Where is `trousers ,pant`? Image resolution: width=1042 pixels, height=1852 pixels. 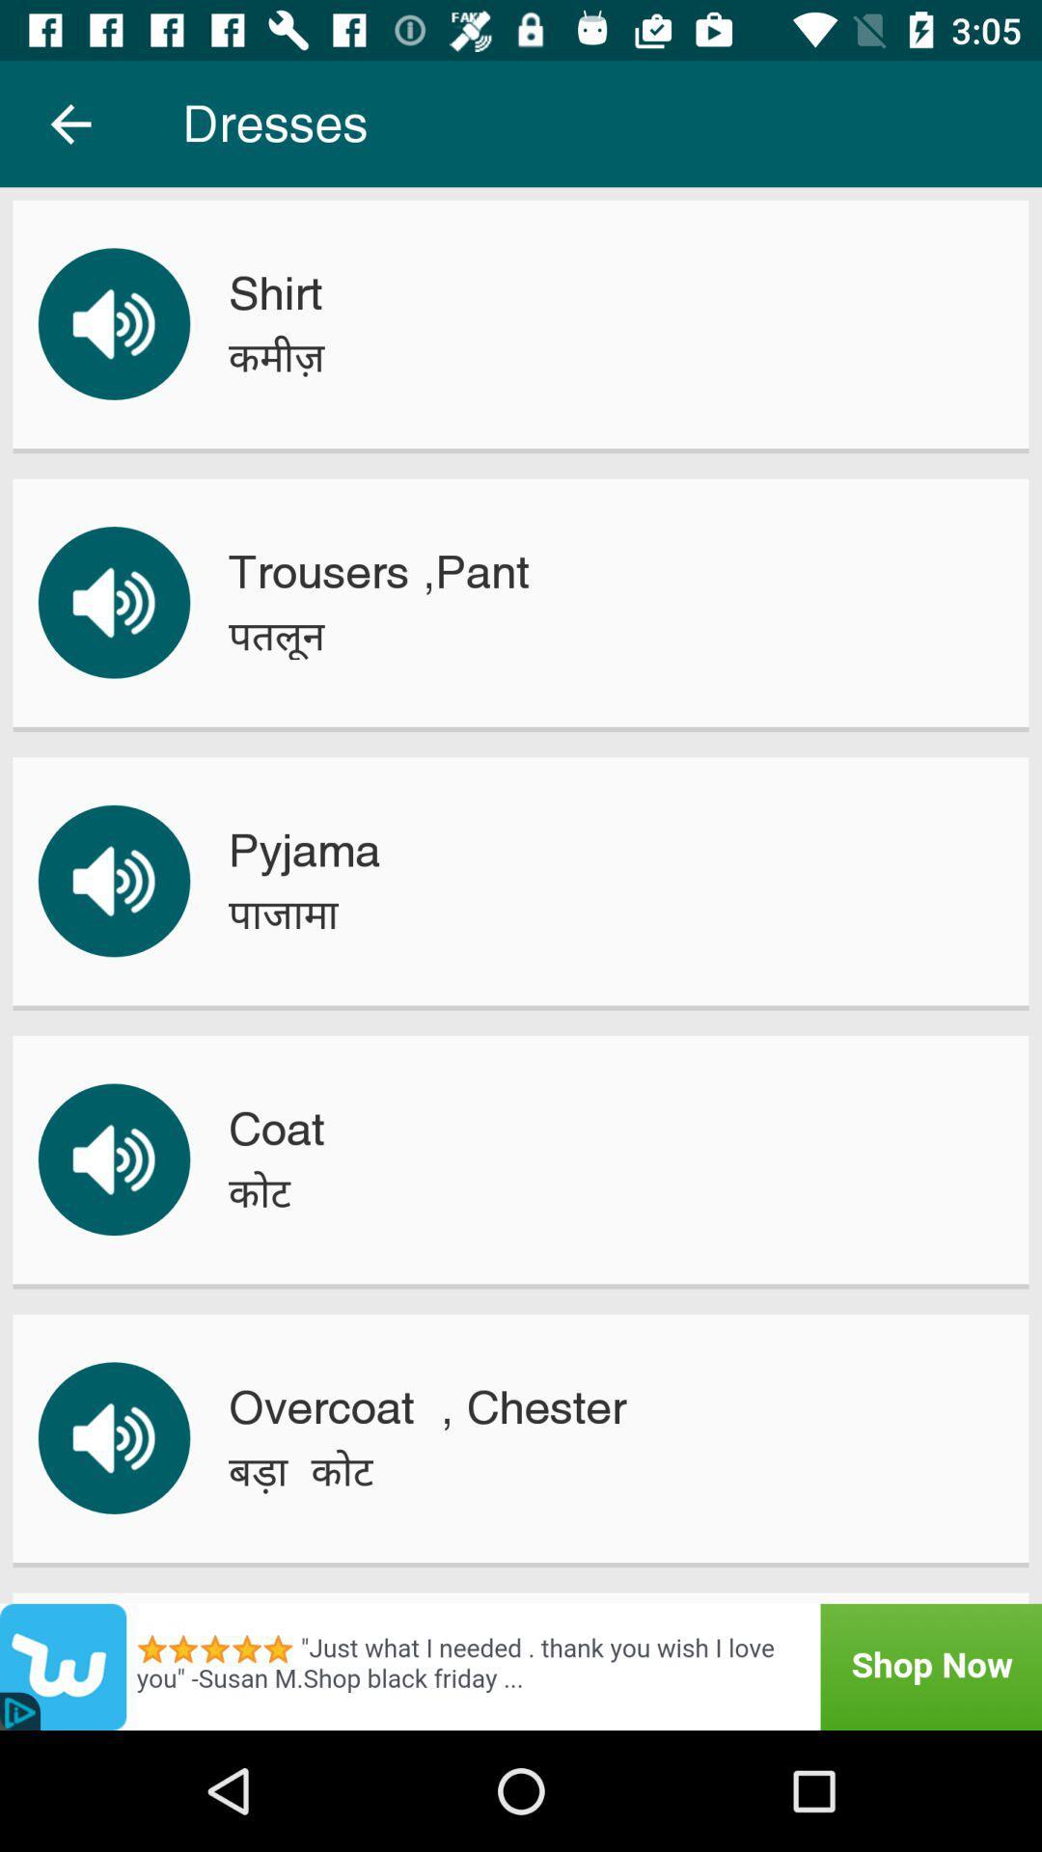 trousers ,pant is located at coordinates (379, 571).